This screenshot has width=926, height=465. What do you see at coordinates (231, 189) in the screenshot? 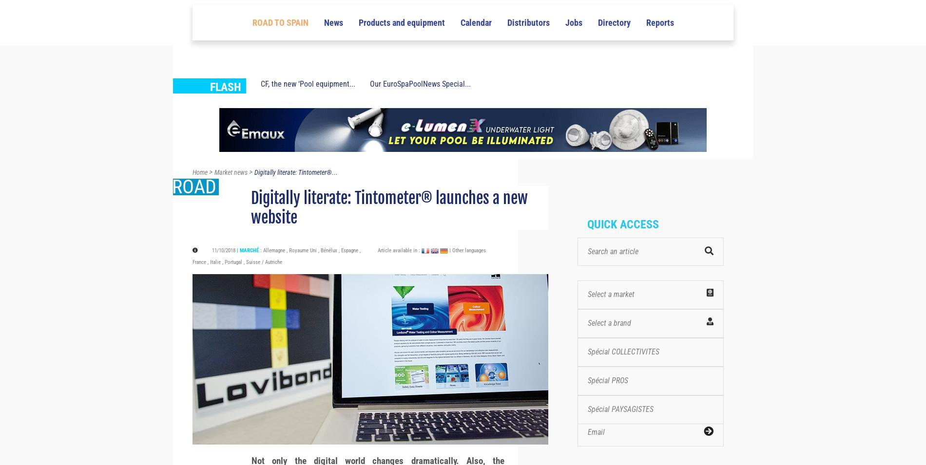
I see `'Market news'` at bounding box center [231, 189].